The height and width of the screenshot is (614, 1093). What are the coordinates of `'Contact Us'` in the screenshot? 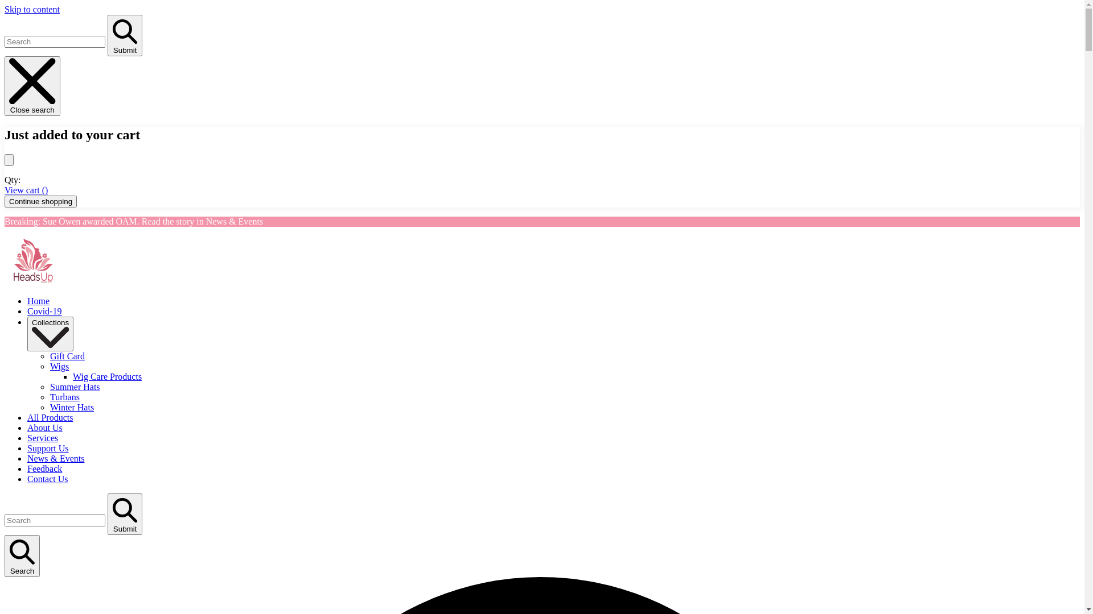 It's located at (47, 479).